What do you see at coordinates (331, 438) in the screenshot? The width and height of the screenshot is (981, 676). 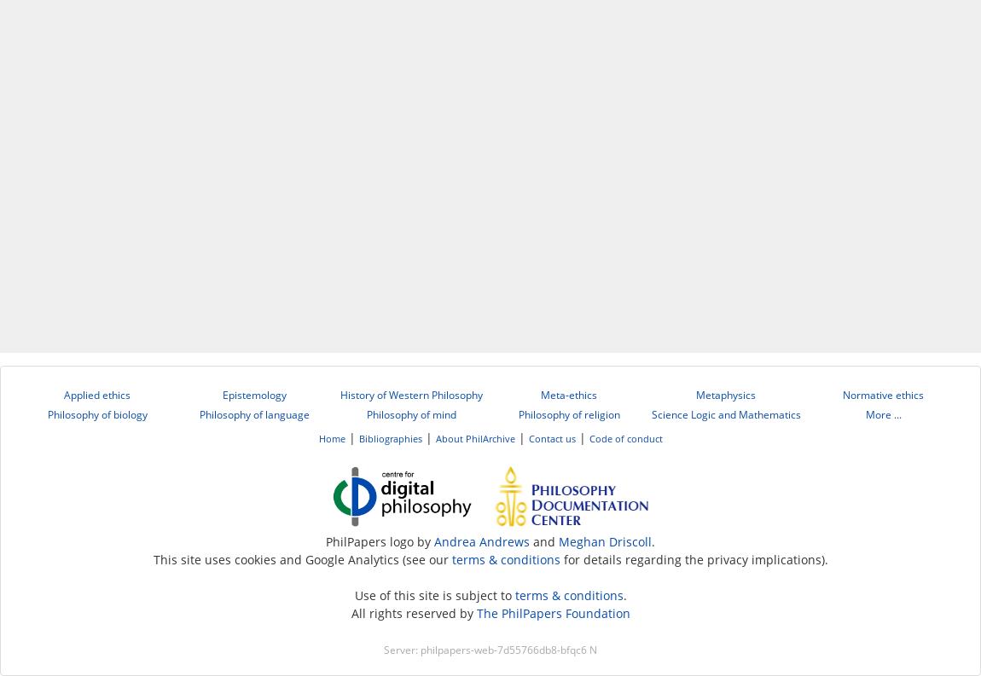 I see `'Home'` at bounding box center [331, 438].